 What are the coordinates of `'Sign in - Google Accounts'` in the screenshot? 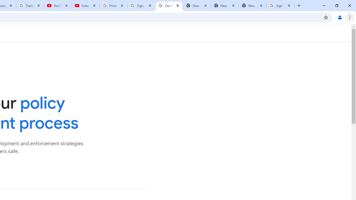 It's located at (141, 6).